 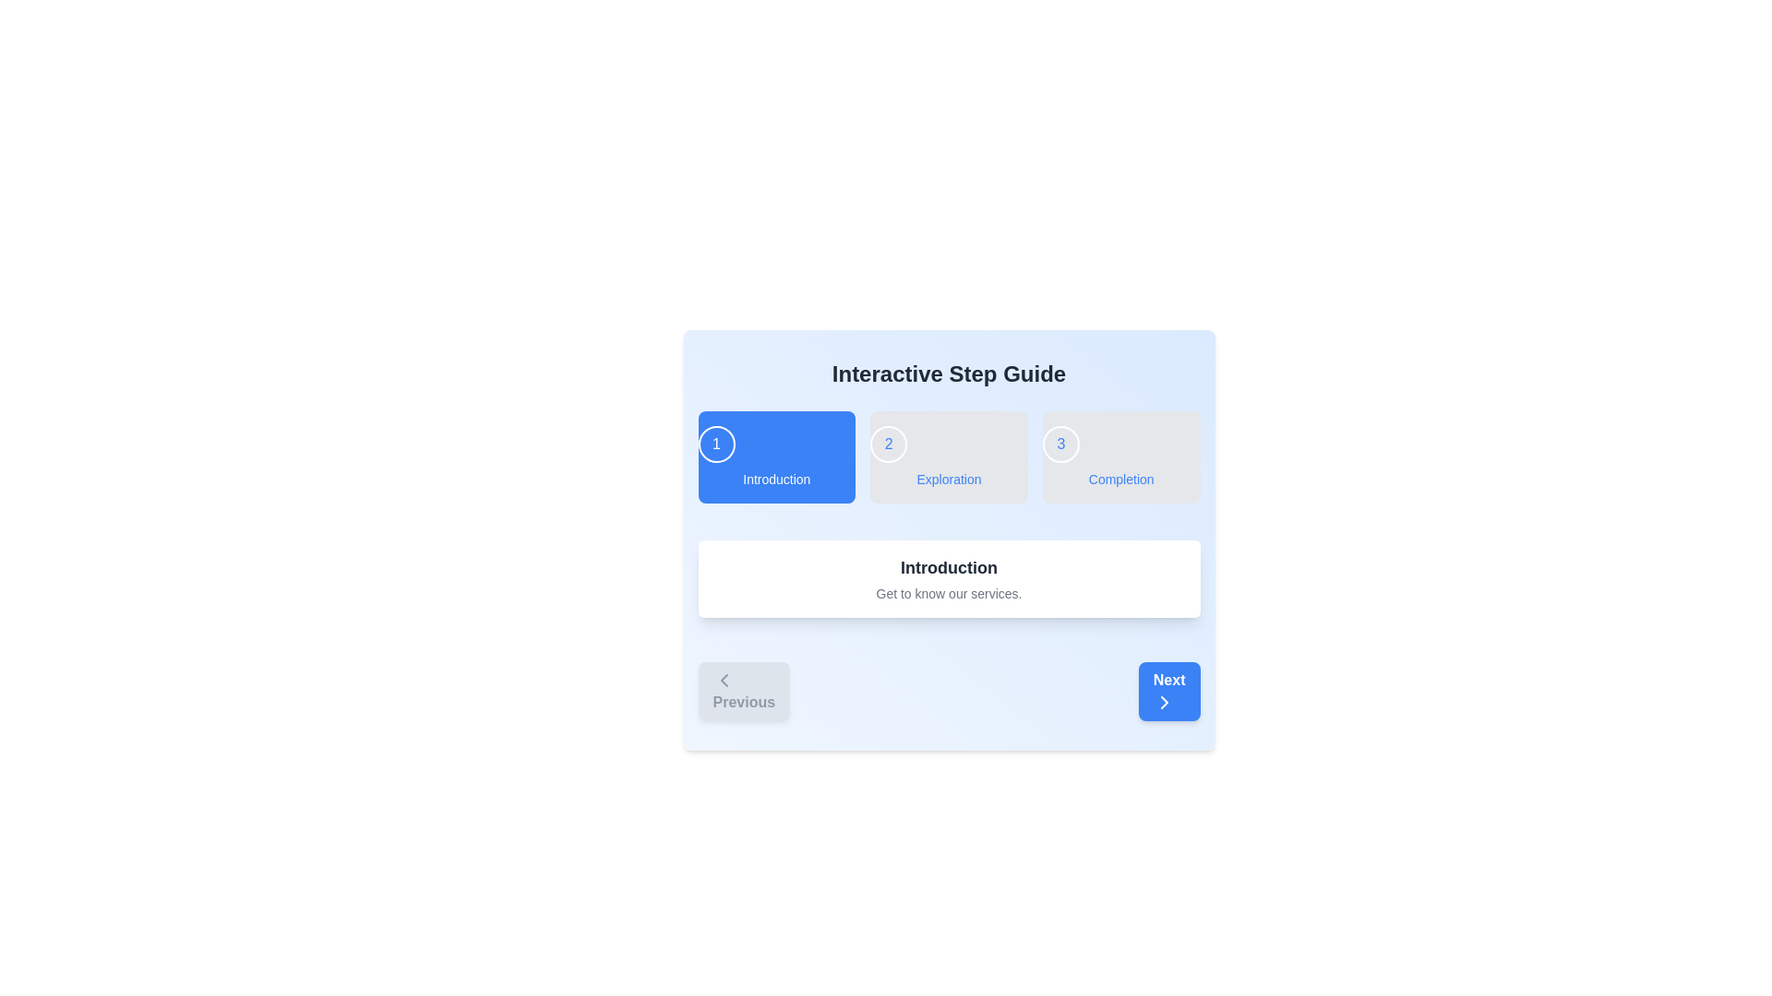 I want to click on the label indicating step 3 in the guided process to check for any tooltip appearance, so click(x=1120, y=479).